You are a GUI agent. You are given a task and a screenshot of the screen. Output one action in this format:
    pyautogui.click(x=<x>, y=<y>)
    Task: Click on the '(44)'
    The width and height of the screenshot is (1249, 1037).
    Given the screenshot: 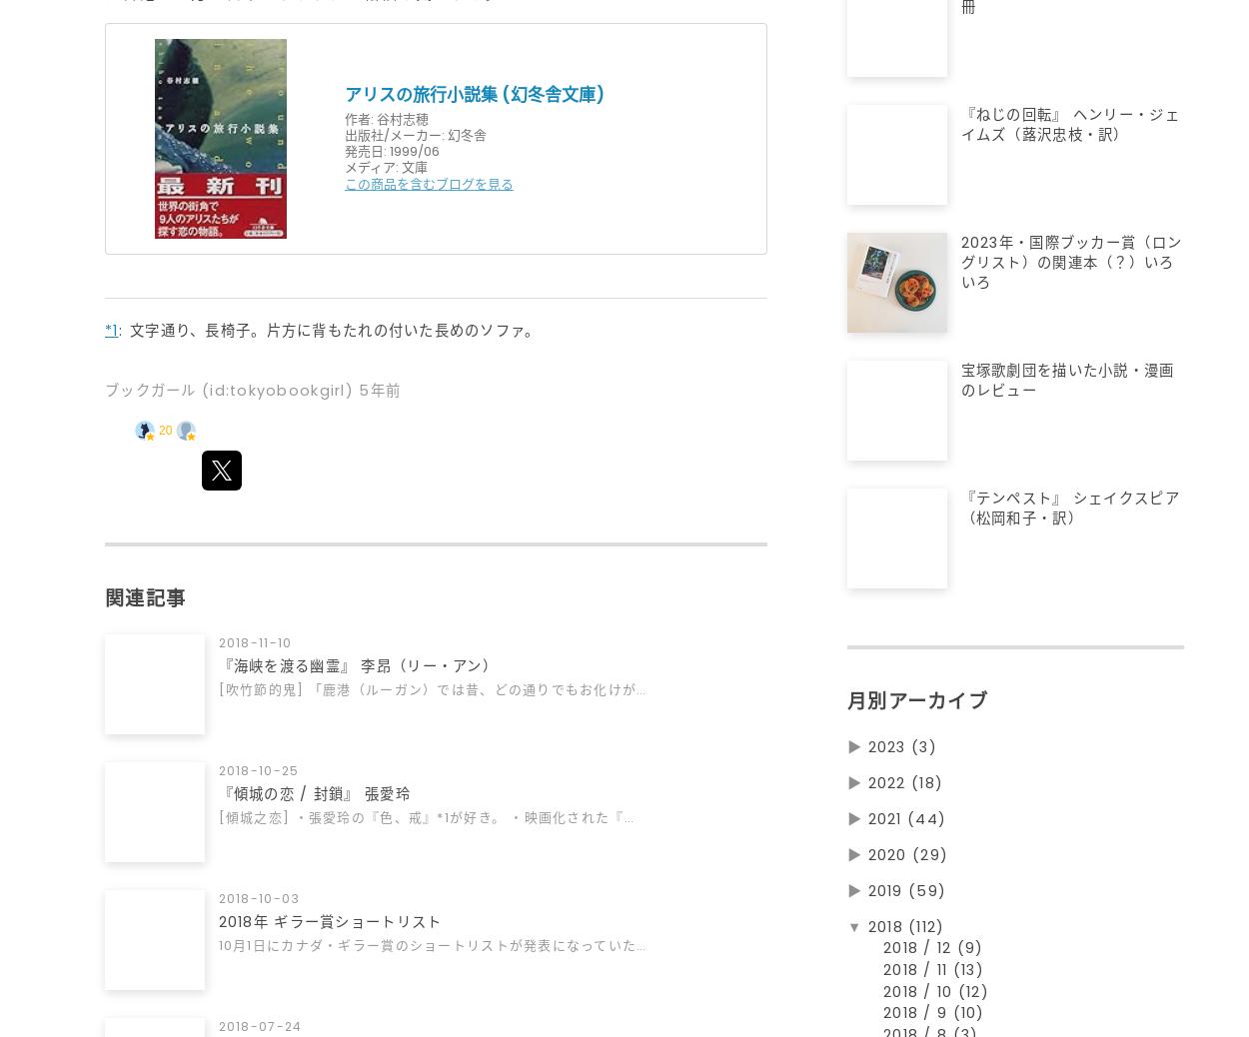 What is the action you would take?
    pyautogui.click(x=926, y=827)
    